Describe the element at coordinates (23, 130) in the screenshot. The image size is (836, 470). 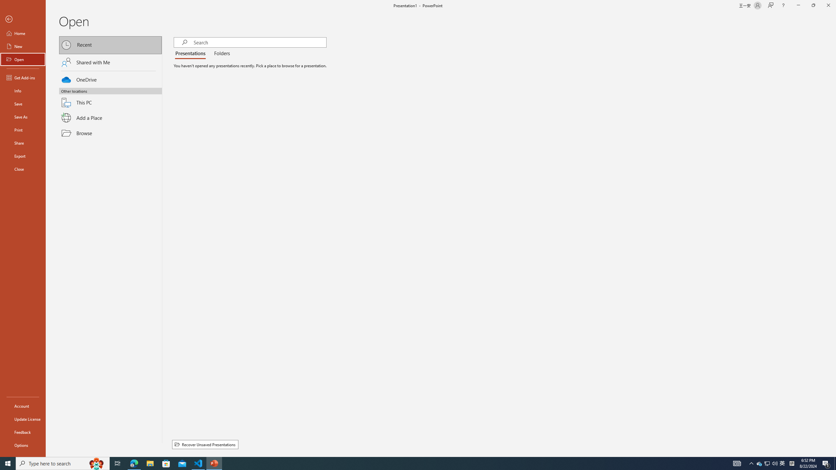
I see `'Print'` at that location.